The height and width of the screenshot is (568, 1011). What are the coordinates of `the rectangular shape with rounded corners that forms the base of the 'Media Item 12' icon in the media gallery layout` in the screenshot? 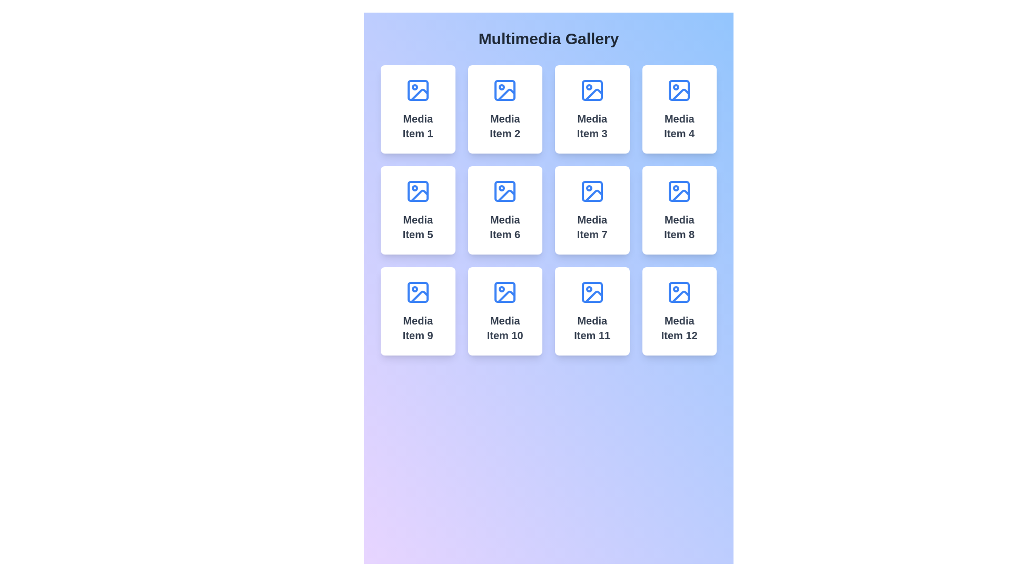 It's located at (679, 292).